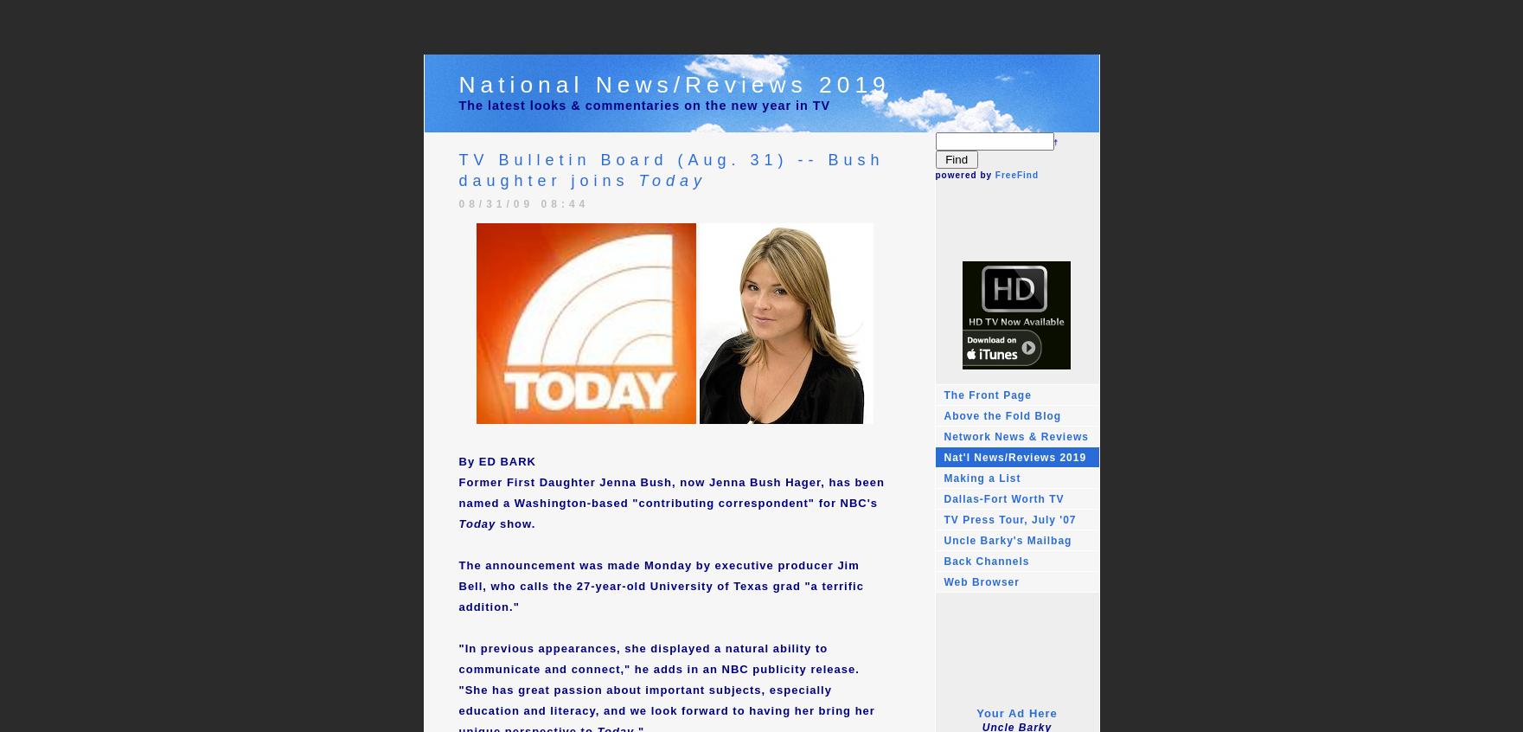  What do you see at coordinates (647, 565) in the screenshot?
I see `'The announcement was made Monday by executive producer'` at bounding box center [647, 565].